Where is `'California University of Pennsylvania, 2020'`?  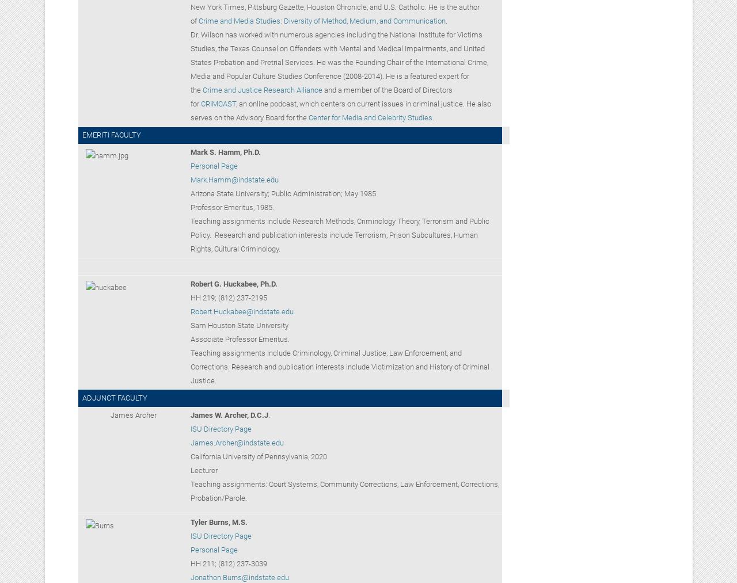
'California University of Pennsylvania, 2020' is located at coordinates (257, 456).